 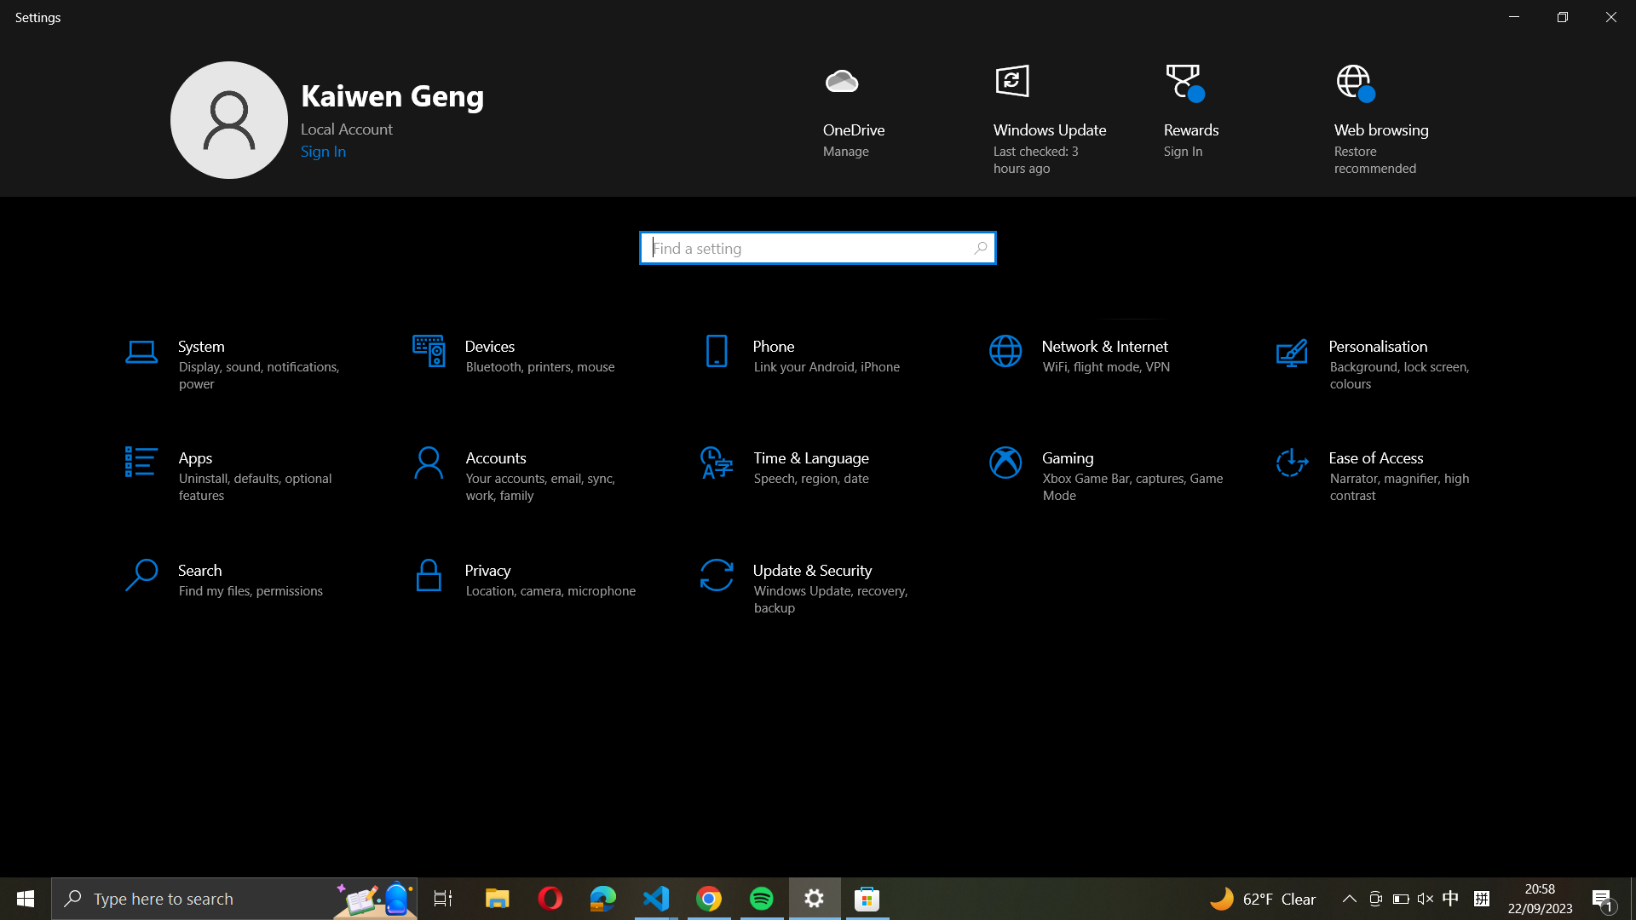 What do you see at coordinates (1198, 119) in the screenshot?
I see `Proceed by selecting the "Rewards" button` at bounding box center [1198, 119].